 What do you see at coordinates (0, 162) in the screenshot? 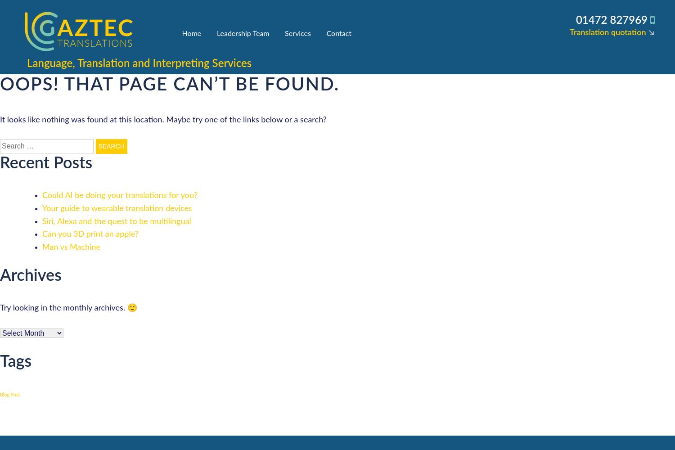
I see `'Recent Posts'` at bounding box center [0, 162].